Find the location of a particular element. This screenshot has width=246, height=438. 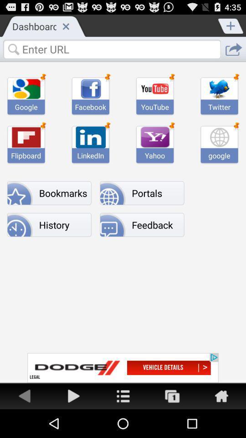

the logo below youtube logo is located at coordinates (155, 136).